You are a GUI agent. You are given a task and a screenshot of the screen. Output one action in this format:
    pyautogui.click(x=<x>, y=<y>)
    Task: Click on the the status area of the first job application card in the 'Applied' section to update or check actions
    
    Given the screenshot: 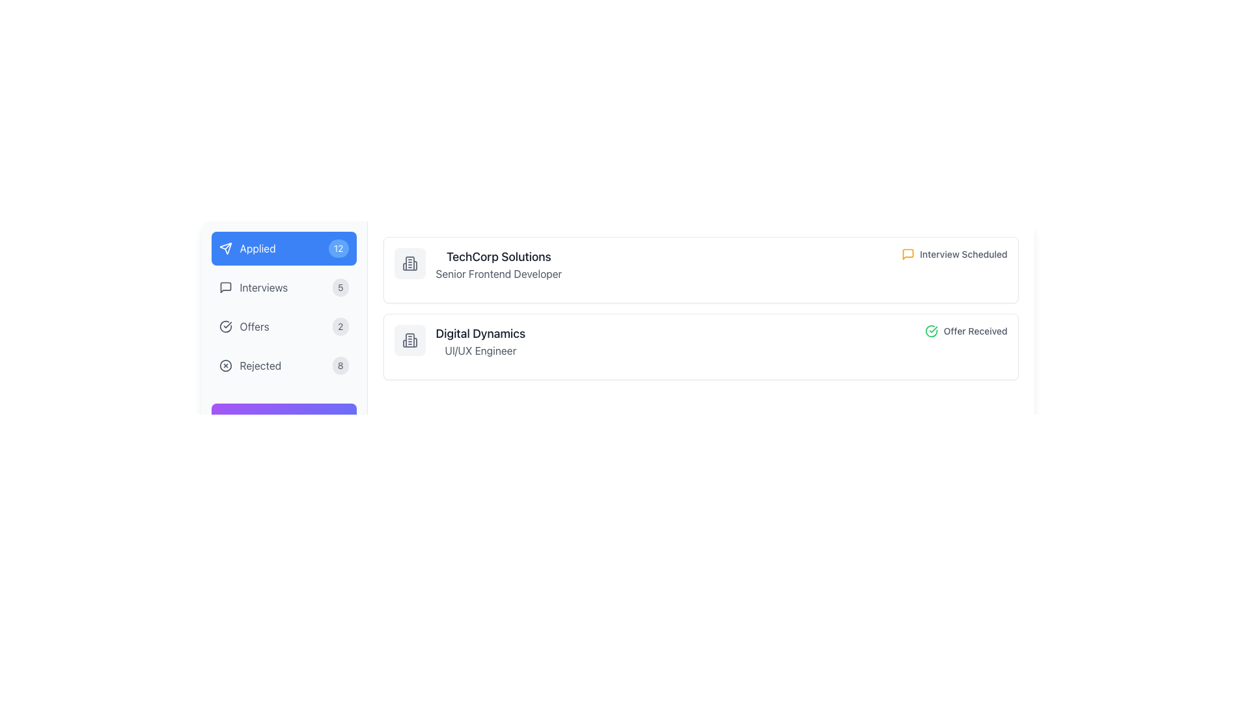 What is the action you would take?
    pyautogui.click(x=700, y=264)
    